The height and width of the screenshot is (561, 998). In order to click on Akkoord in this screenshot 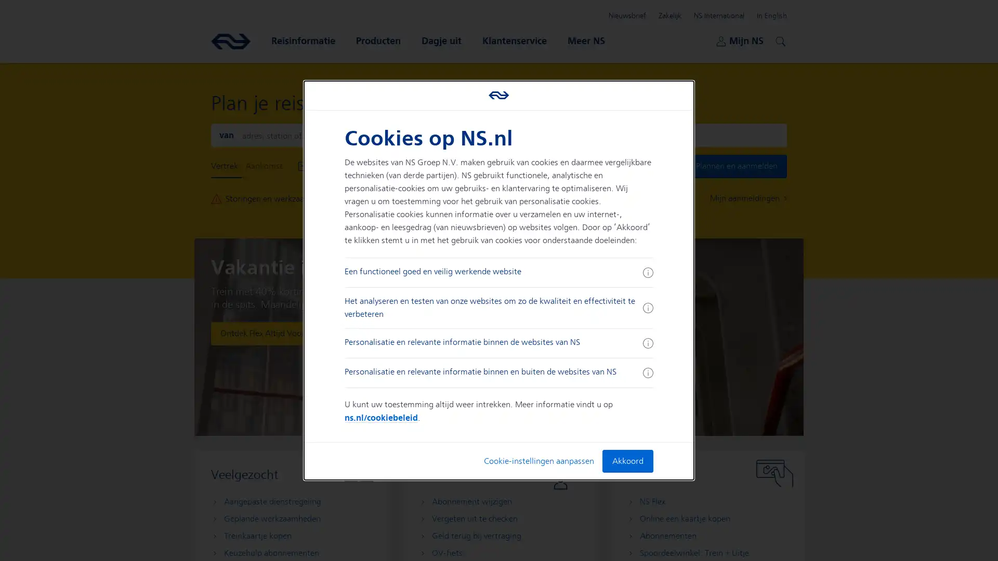, I will do `click(626, 460)`.